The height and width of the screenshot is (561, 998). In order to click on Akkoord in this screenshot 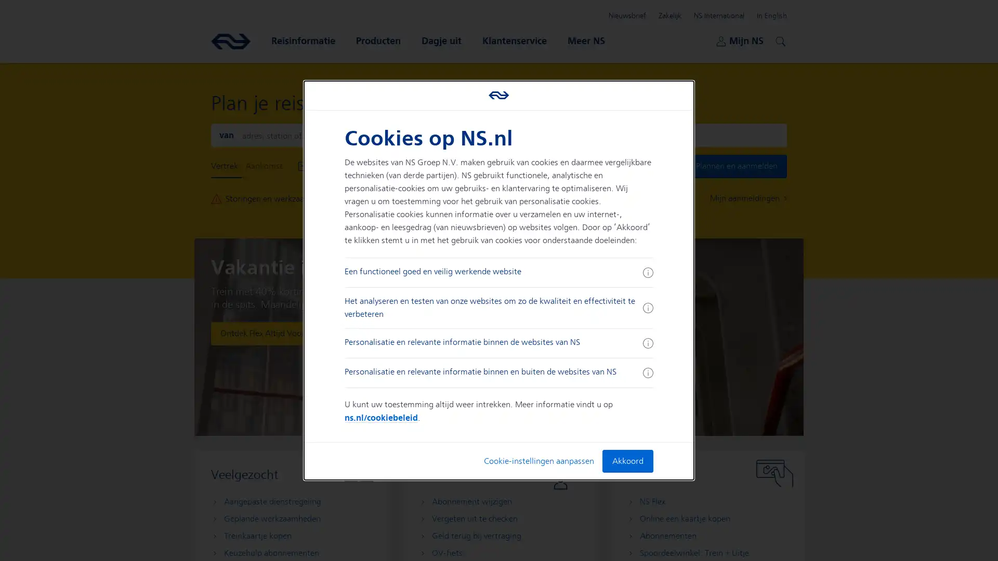, I will do `click(626, 460)`.